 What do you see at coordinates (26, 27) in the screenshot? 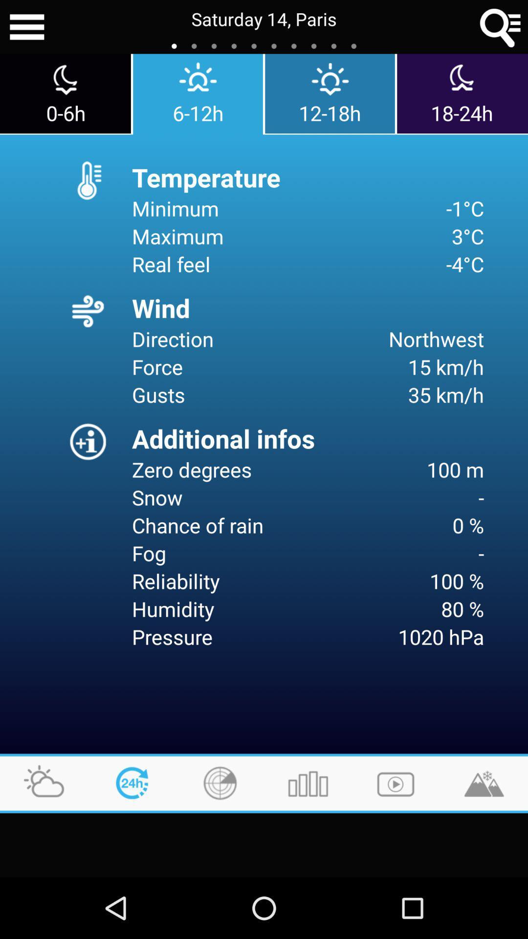
I see `more options` at bounding box center [26, 27].